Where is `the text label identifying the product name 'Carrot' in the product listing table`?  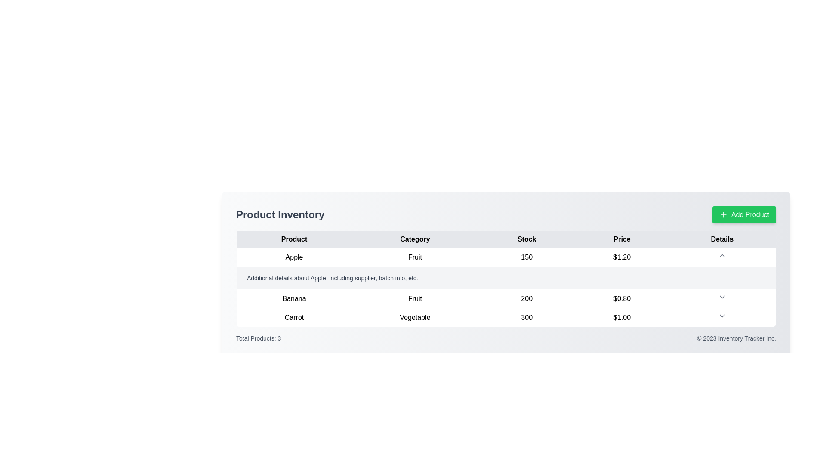
the text label identifying the product name 'Carrot' in the product listing table is located at coordinates (294, 317).